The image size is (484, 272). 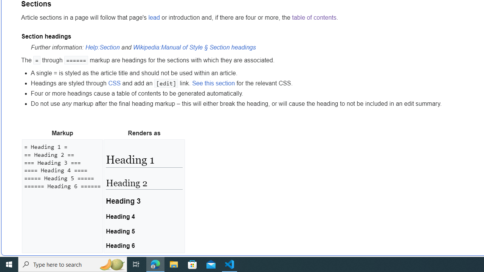 What do you see at coordinates (314, 17) in the screenshot?
I see `'table of contents'` at bounding box center [314, 17].